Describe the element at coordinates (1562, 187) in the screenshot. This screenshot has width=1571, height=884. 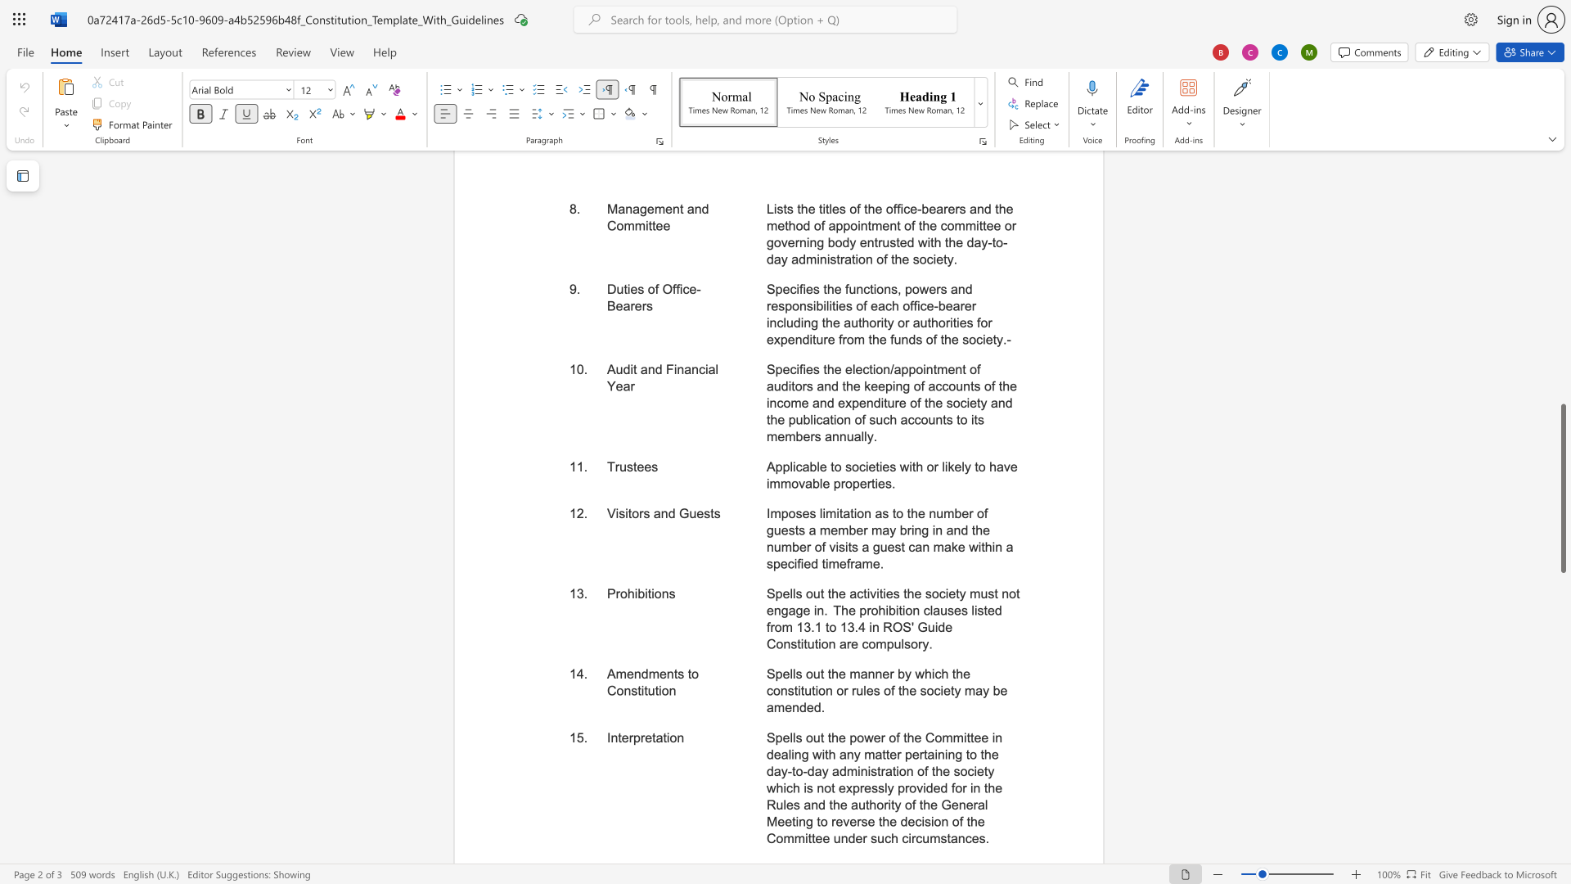
I see `the scrollbar to adjust the page upward` at that location.